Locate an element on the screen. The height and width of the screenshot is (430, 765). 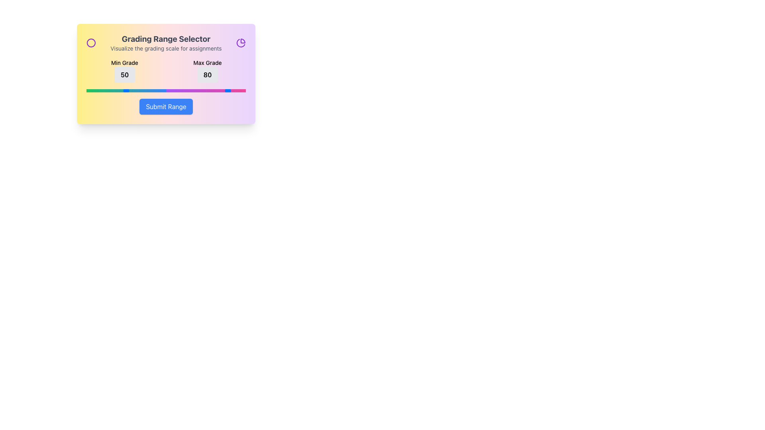
the slider value is located at coordinates (88, 90).